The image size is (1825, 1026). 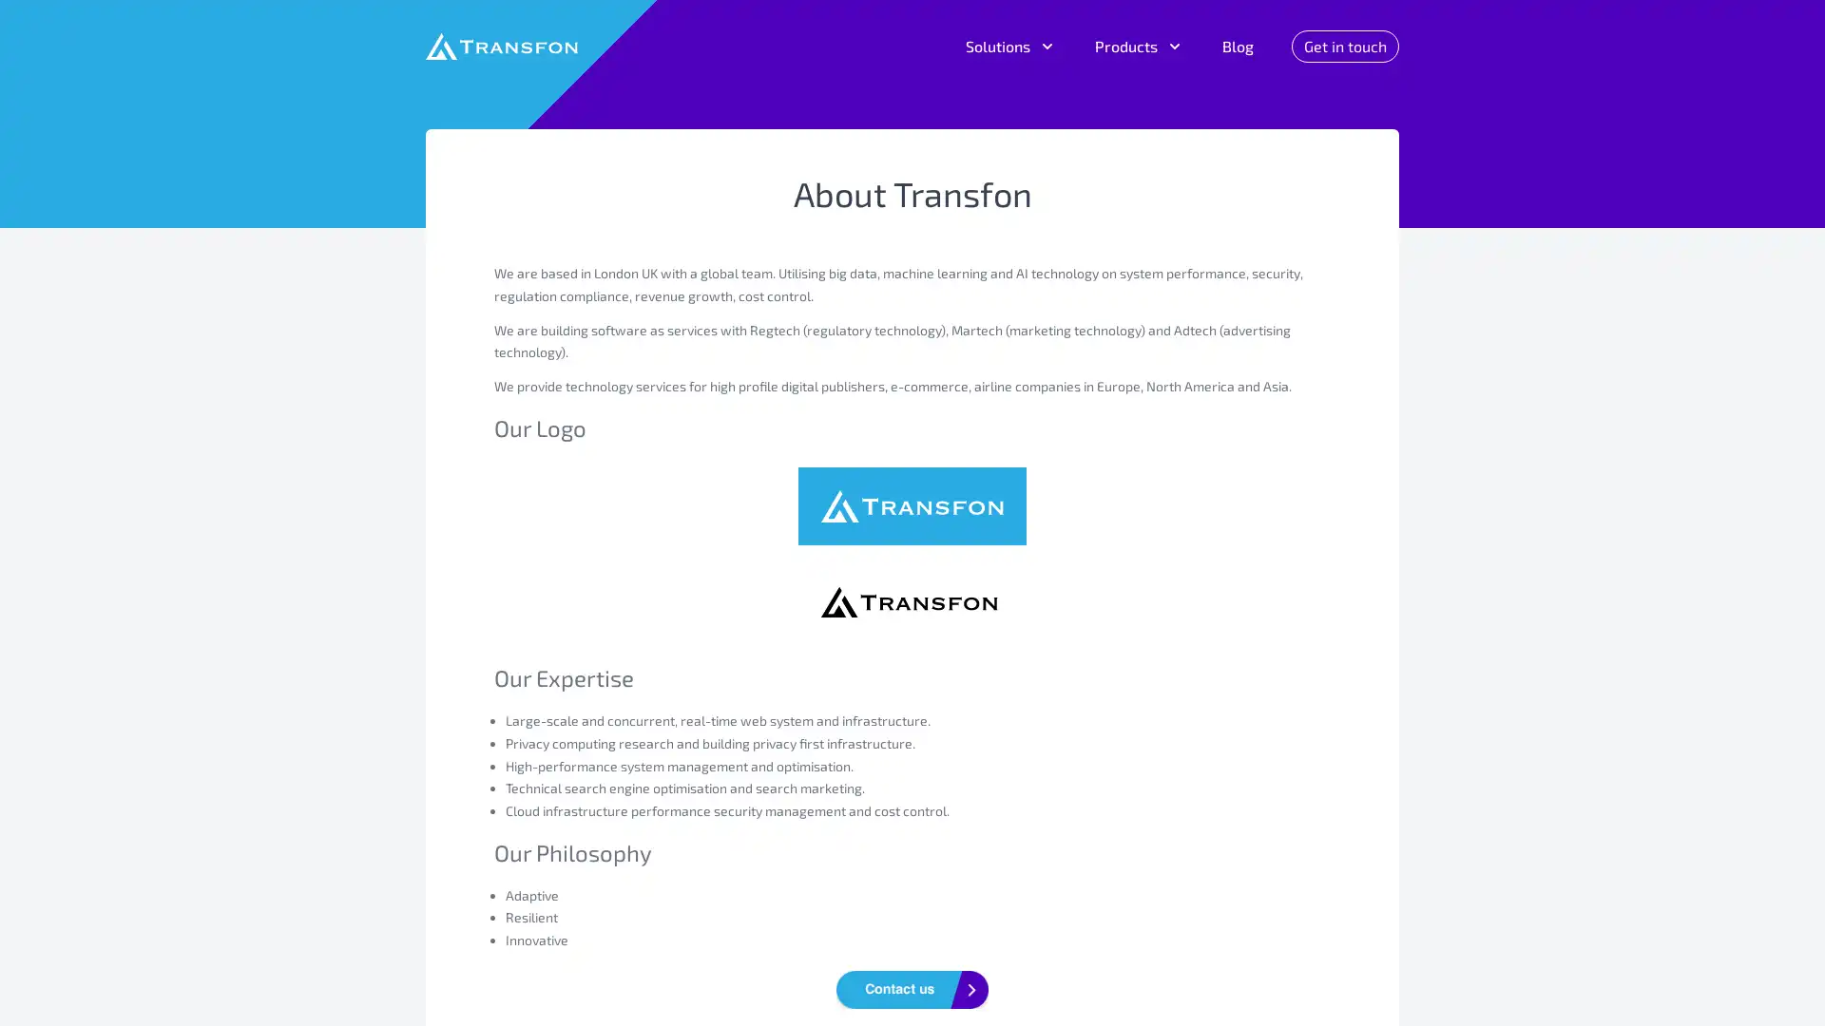 I want to click on Products, so click(x=1140, y=46).